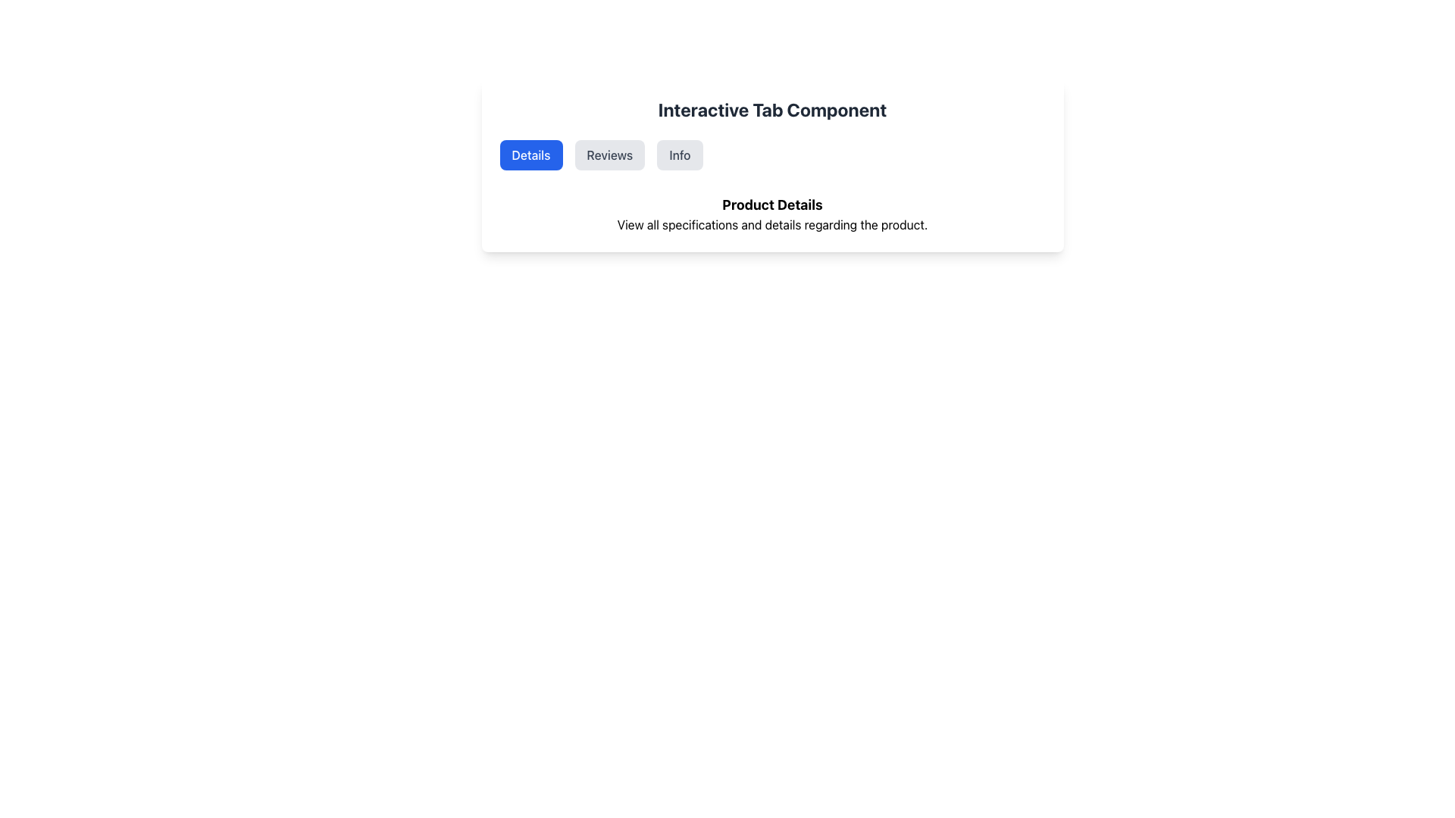  Describe the element at coordinates (772, 109) in the screenshot. I see `the Static Text element displaying 'Interactive Tab Component', which is styled in bold and large dark gray font and serves as the header for the section` at that location.